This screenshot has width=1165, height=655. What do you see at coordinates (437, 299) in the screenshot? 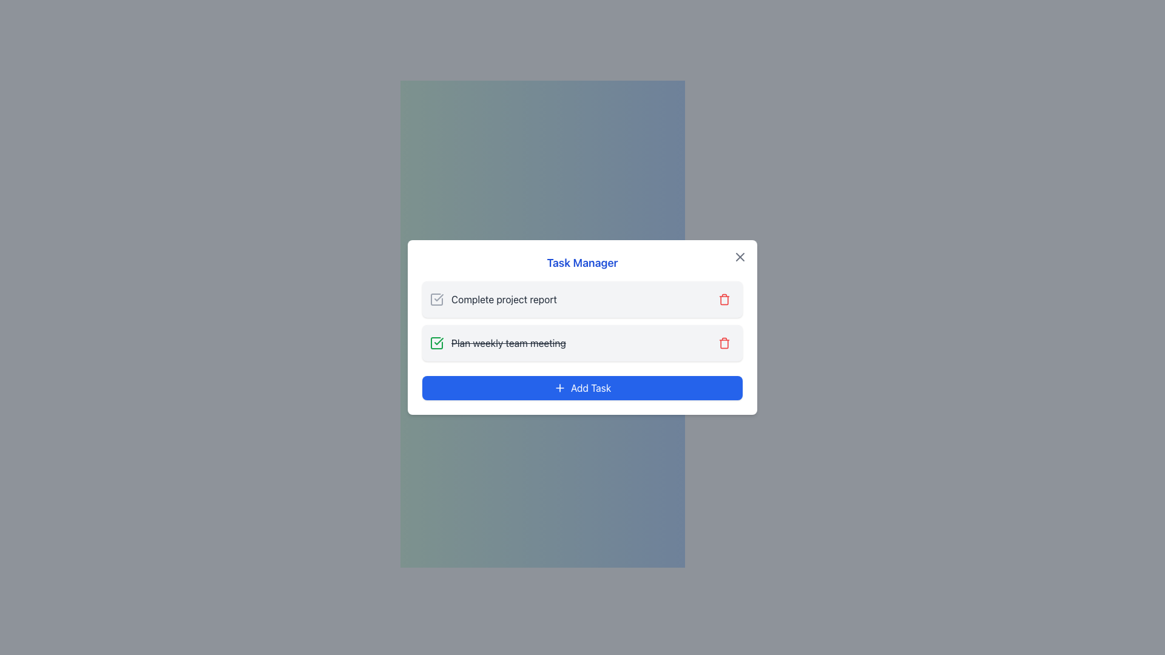
I see `the interactive checkbox located to the immediate left of the text 'Complete project report'` at bounding box center [437, 299].